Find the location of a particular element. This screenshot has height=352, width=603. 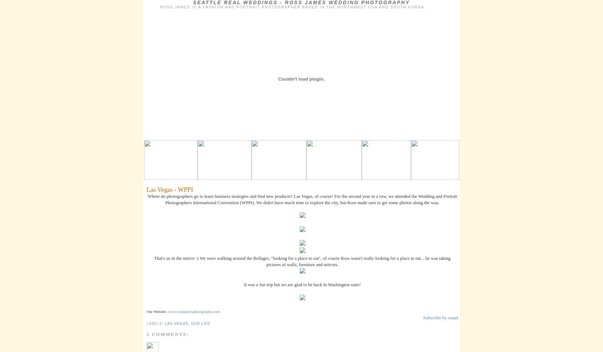

'Labels:' is located at coordinates (155, 323).